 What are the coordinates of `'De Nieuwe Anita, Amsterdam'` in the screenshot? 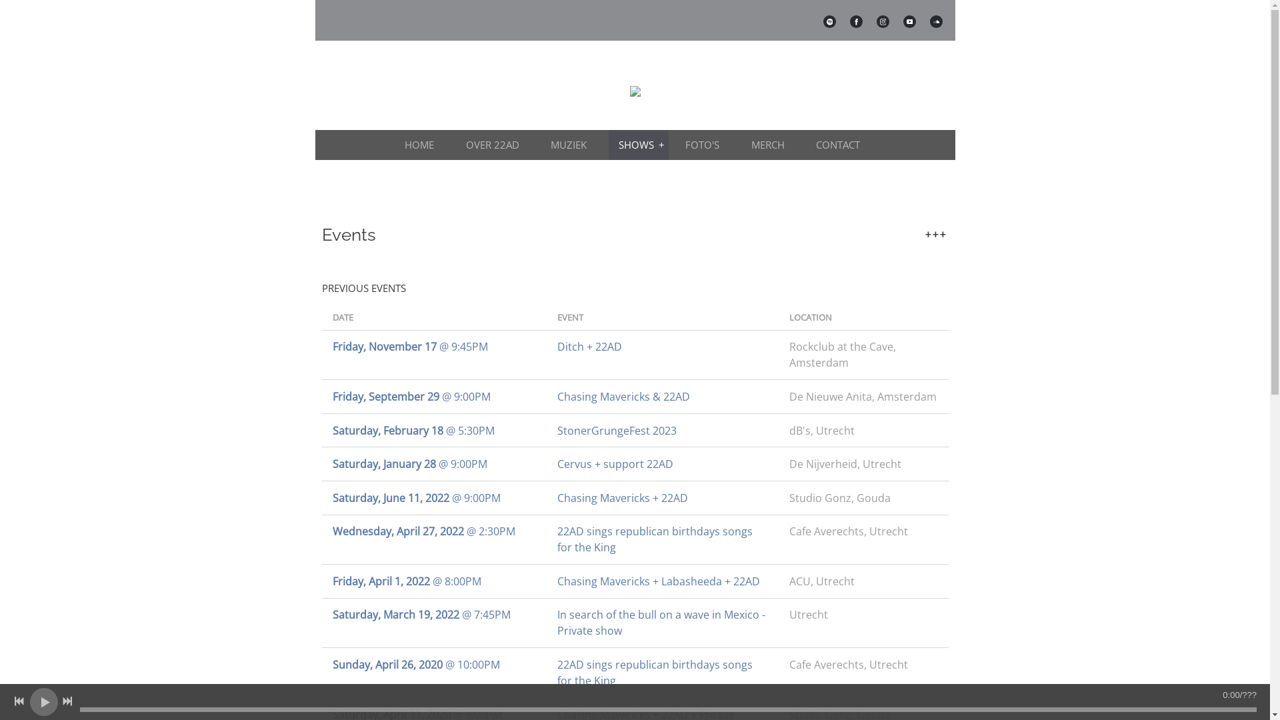 It's located at (863, 395).